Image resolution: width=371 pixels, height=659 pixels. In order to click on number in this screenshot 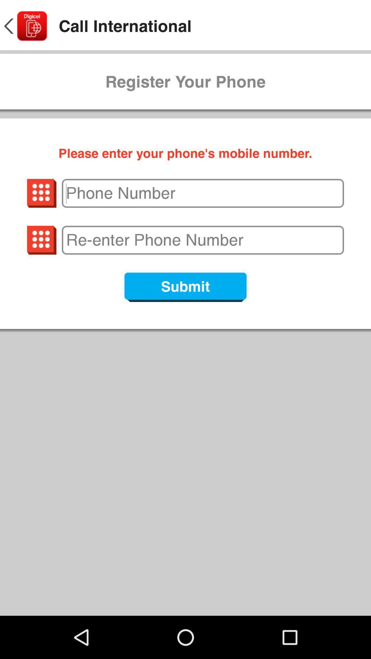, I will do `click(202, 240)`.